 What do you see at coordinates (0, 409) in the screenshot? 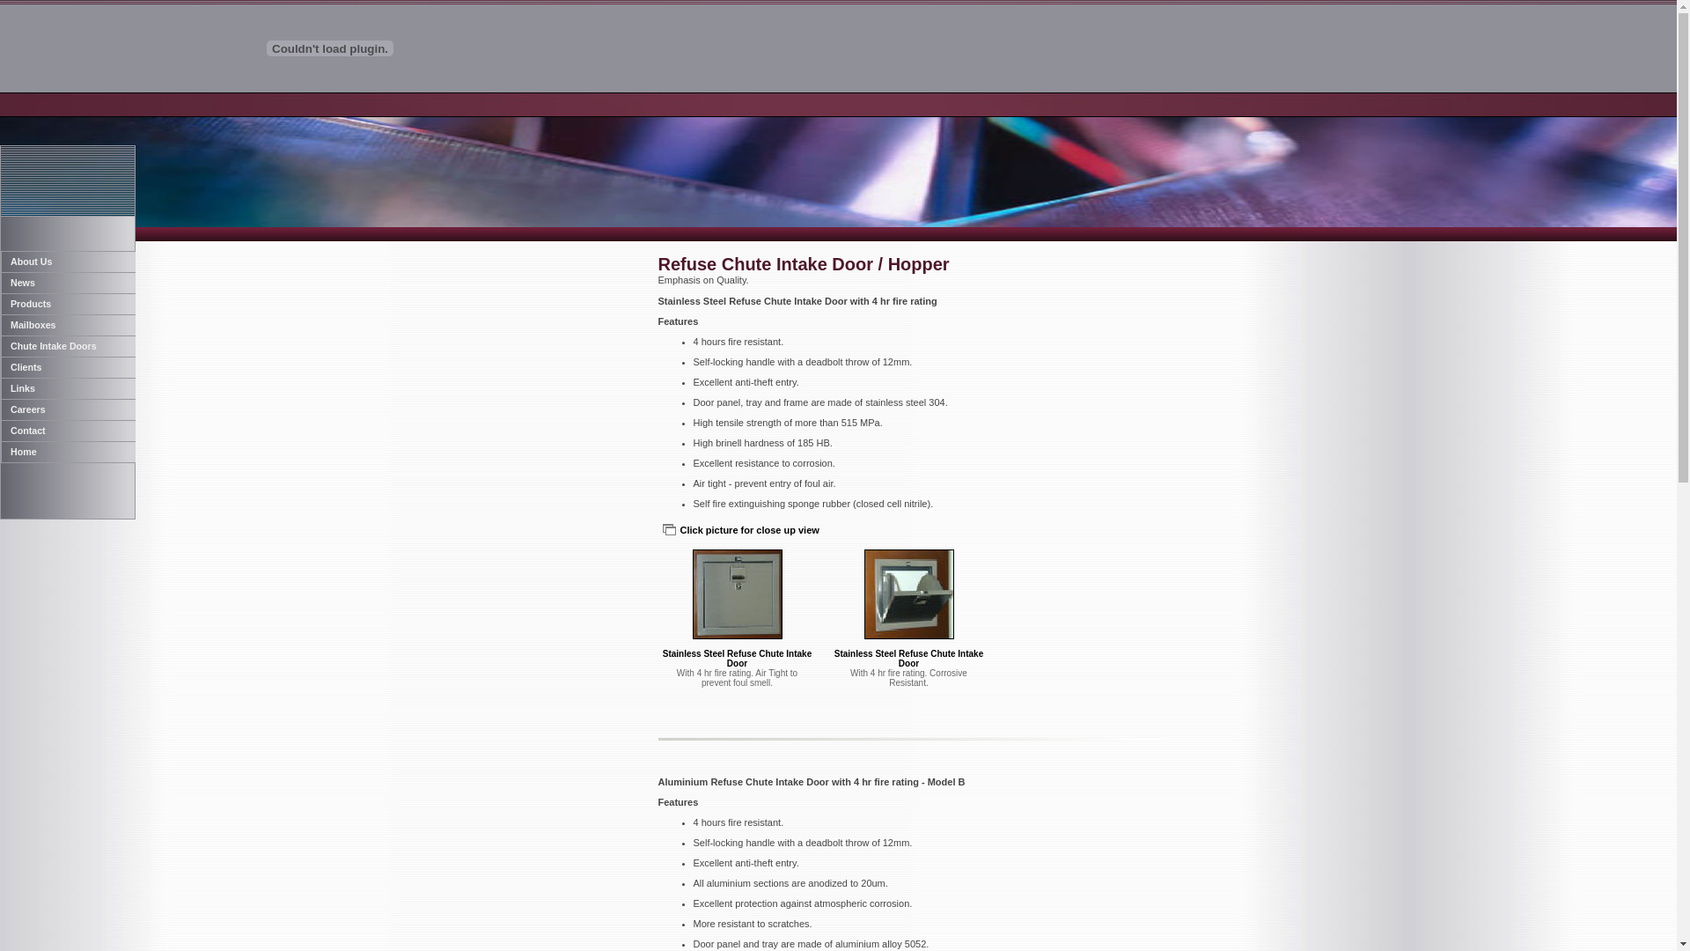
I see `'Careers'` at bounding box center [0, 409].